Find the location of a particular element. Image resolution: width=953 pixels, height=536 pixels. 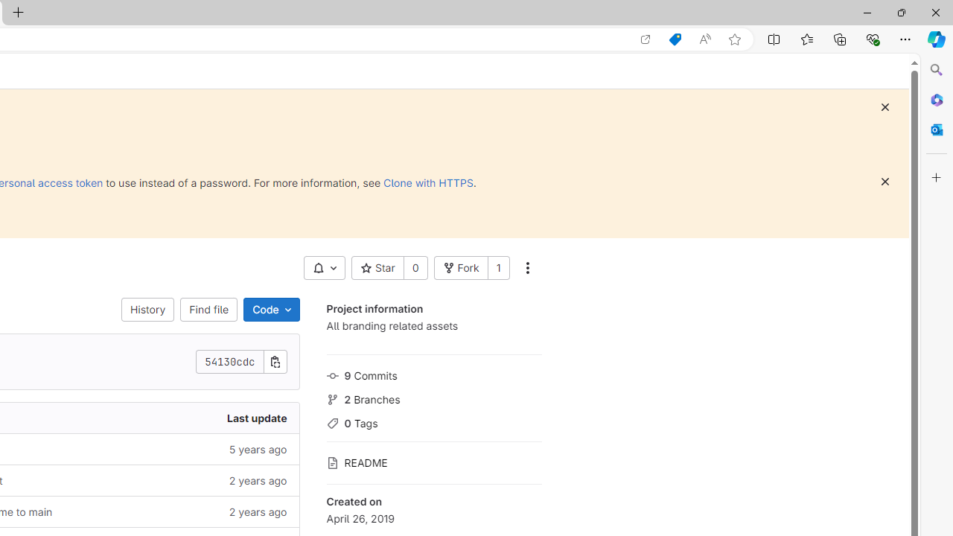

'More actions' is located at coordinates (527, 268).